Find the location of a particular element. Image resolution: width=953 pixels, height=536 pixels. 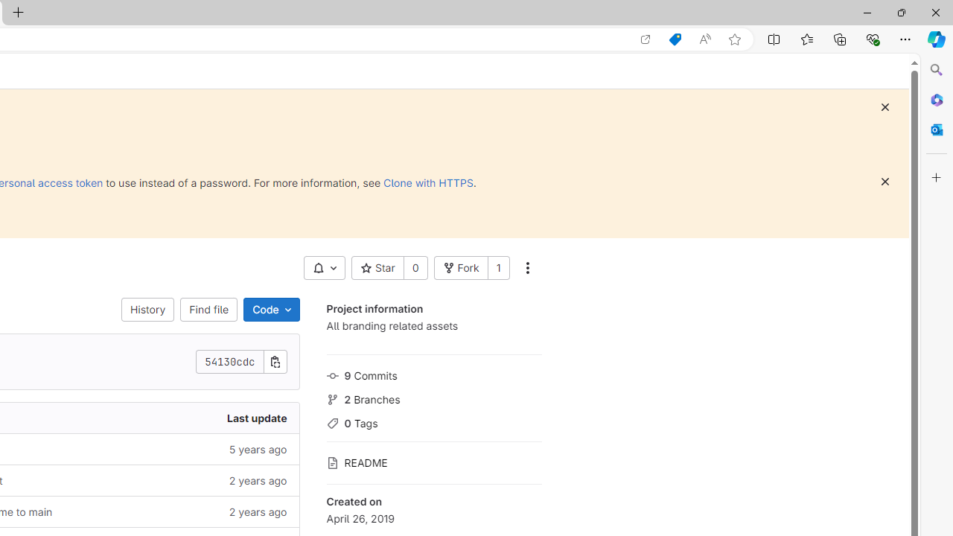

'More actions' is located at coordinates (527, 268).